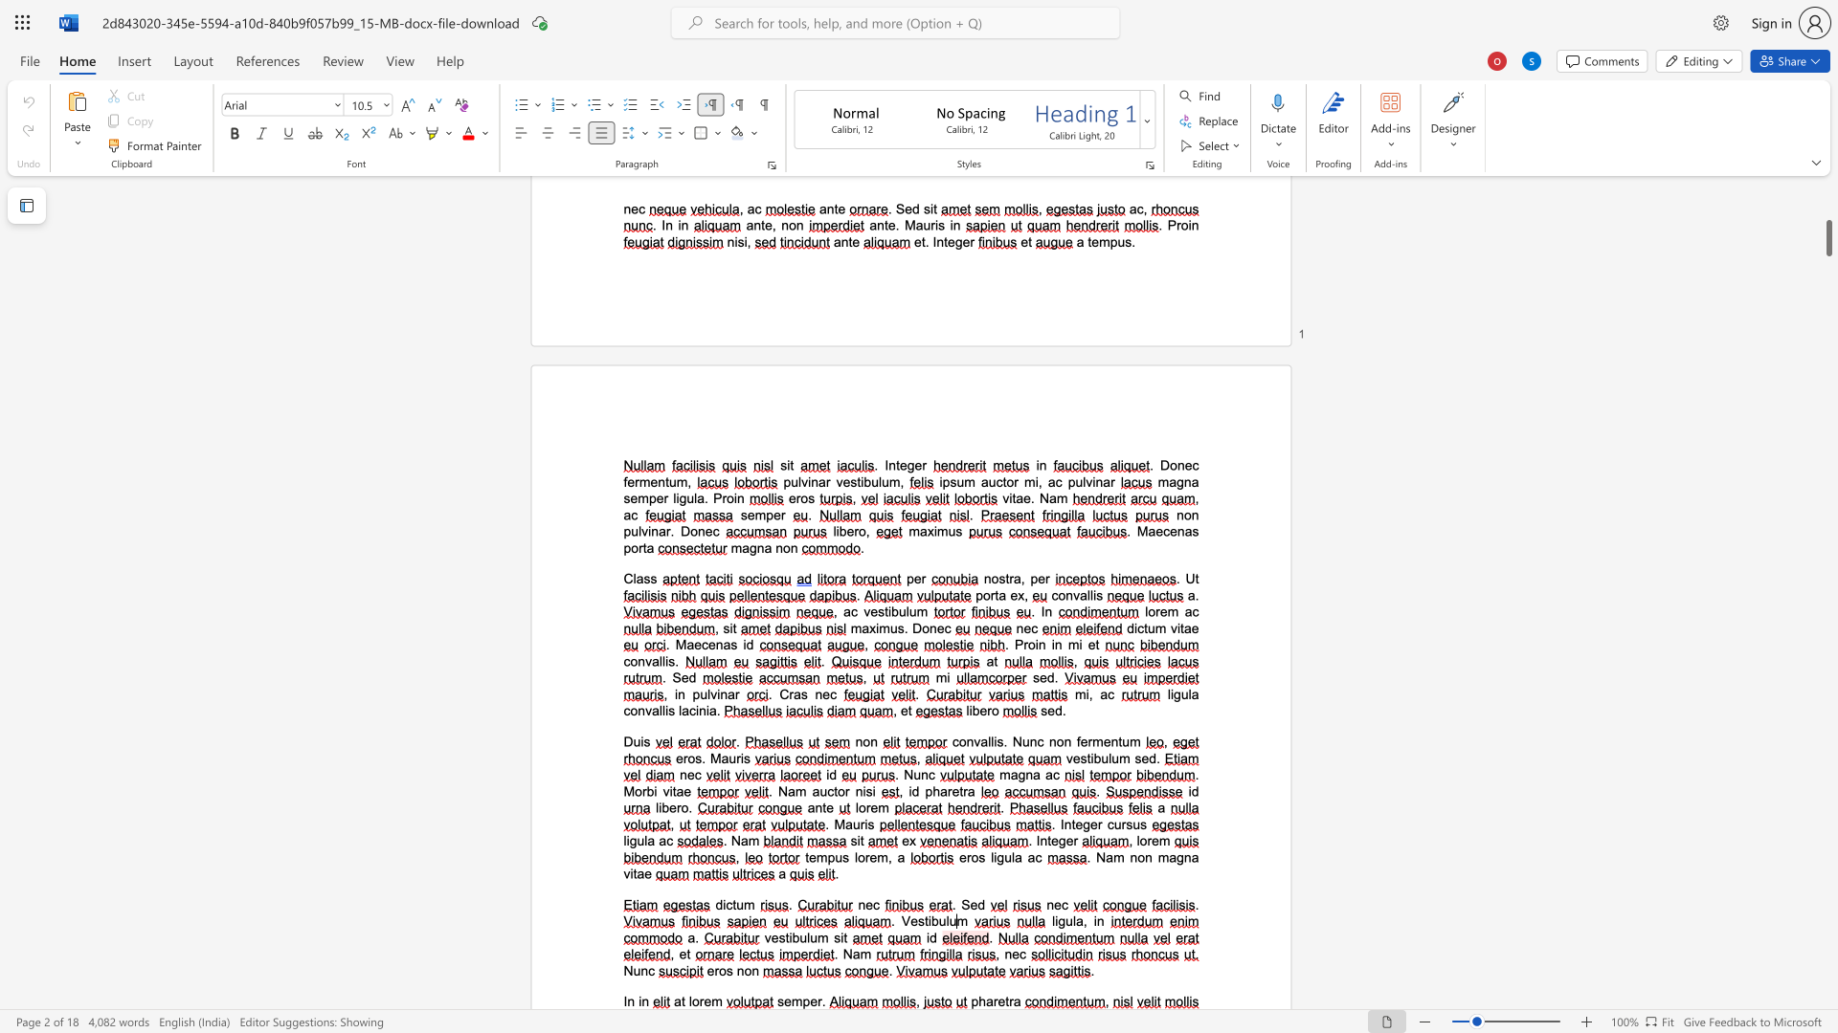 The height and width of the screenshot is (1033, 1838). I want to click on the space between the continuous character "e" and "m" in the text, so click(711, 1000).